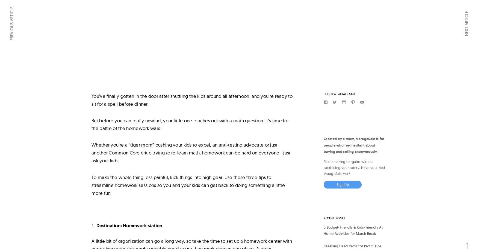 Image resolution: width=478 pixels, height=249 pixels. Describe the element at coordinates (192, 99) in the screenshot. I see `'You’ve finally gotten in the door after shuttling the kids around all afternoon, and you’re ready to sit for a spell before dinner.'` at that location.